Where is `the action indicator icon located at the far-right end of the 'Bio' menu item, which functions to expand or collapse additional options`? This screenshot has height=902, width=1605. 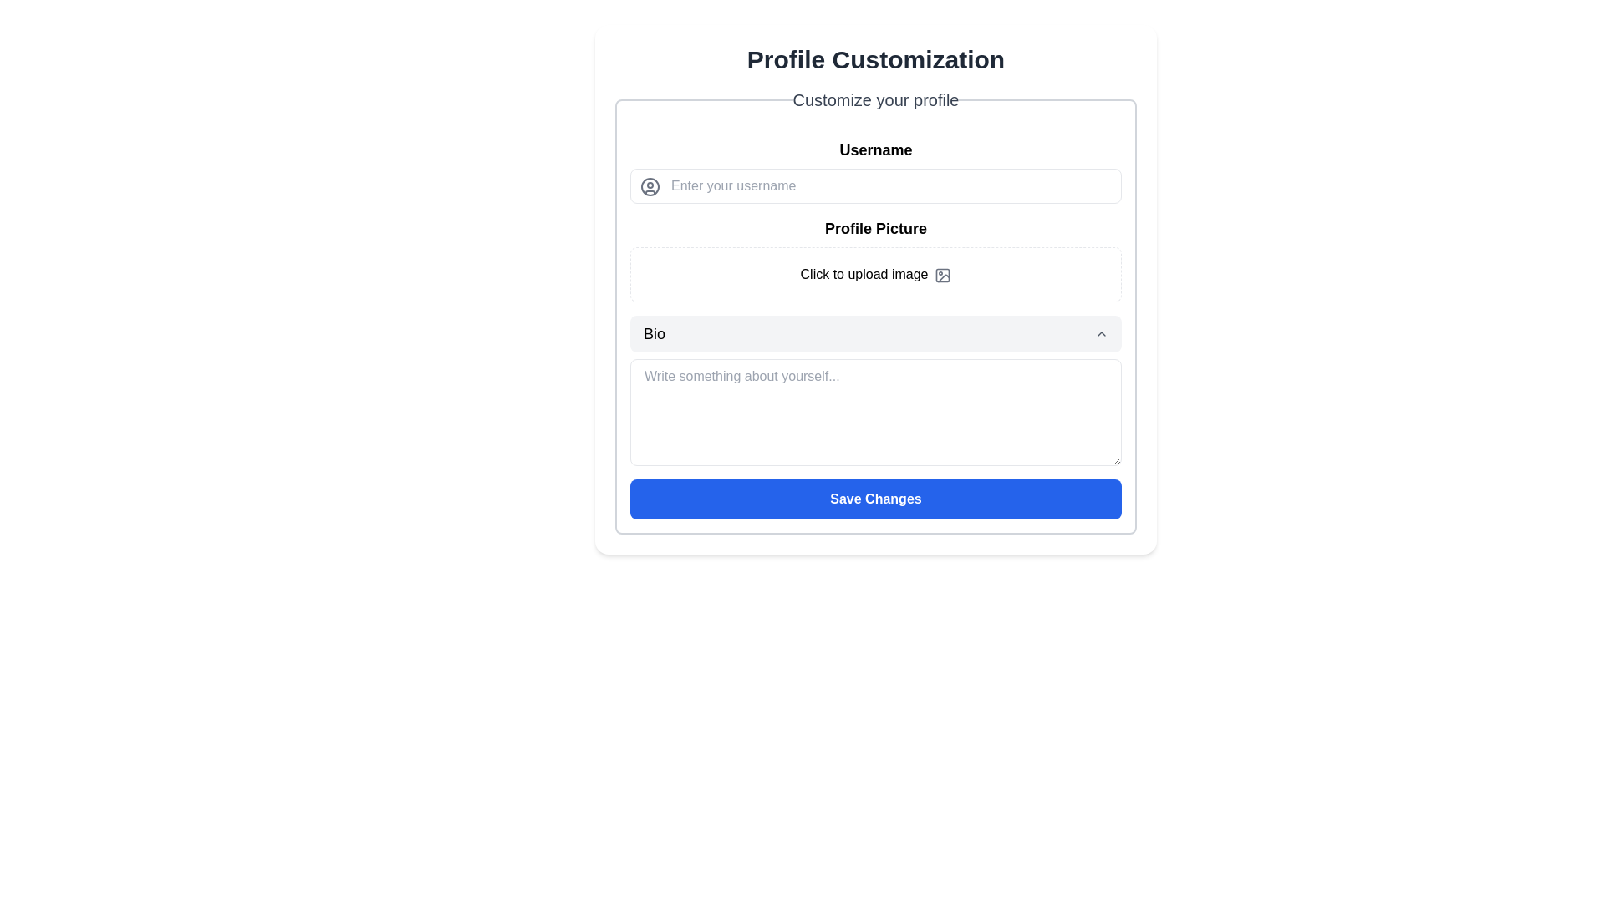
the action indicator icon located at the far-right end of the 'Bio' menu item, which functions to expand or collapse additional options is located at coordinates (1102, 334).